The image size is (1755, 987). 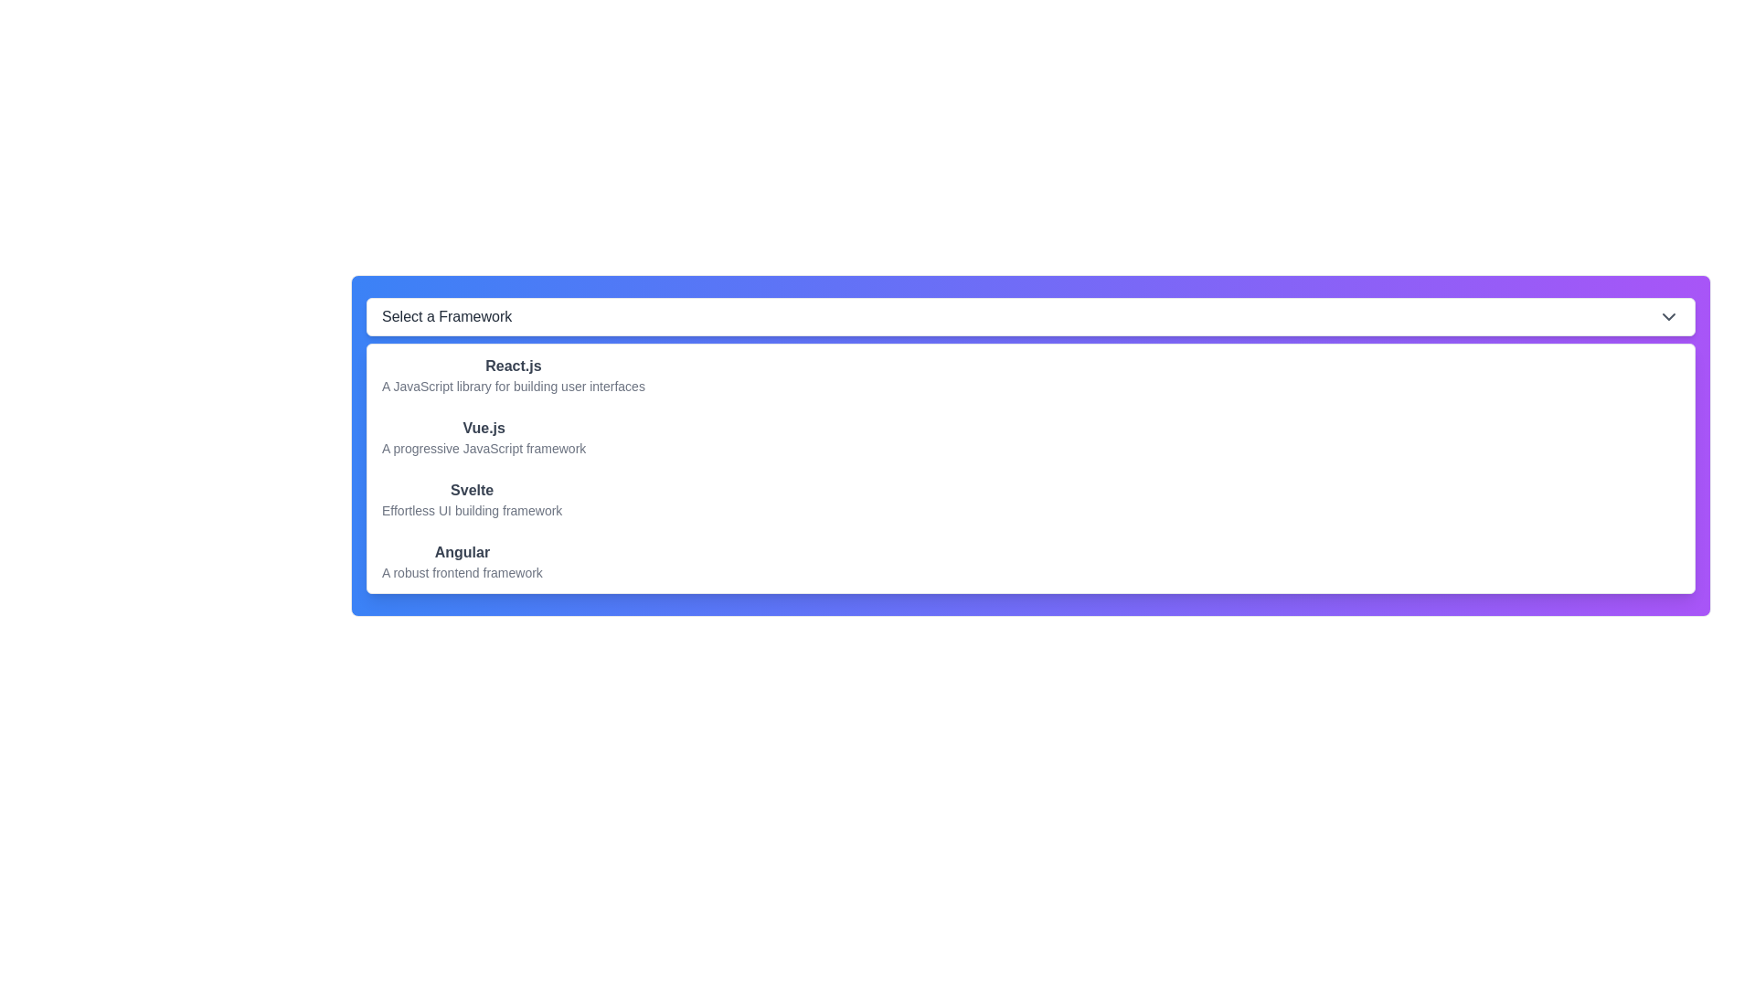 What do you see at coordinates (484, 437) in the screenshot?
I see `the second entry in the dropdown list labeled 'Vue.js', which is styled with bold font and dark color` at bounding box center [484, 437].